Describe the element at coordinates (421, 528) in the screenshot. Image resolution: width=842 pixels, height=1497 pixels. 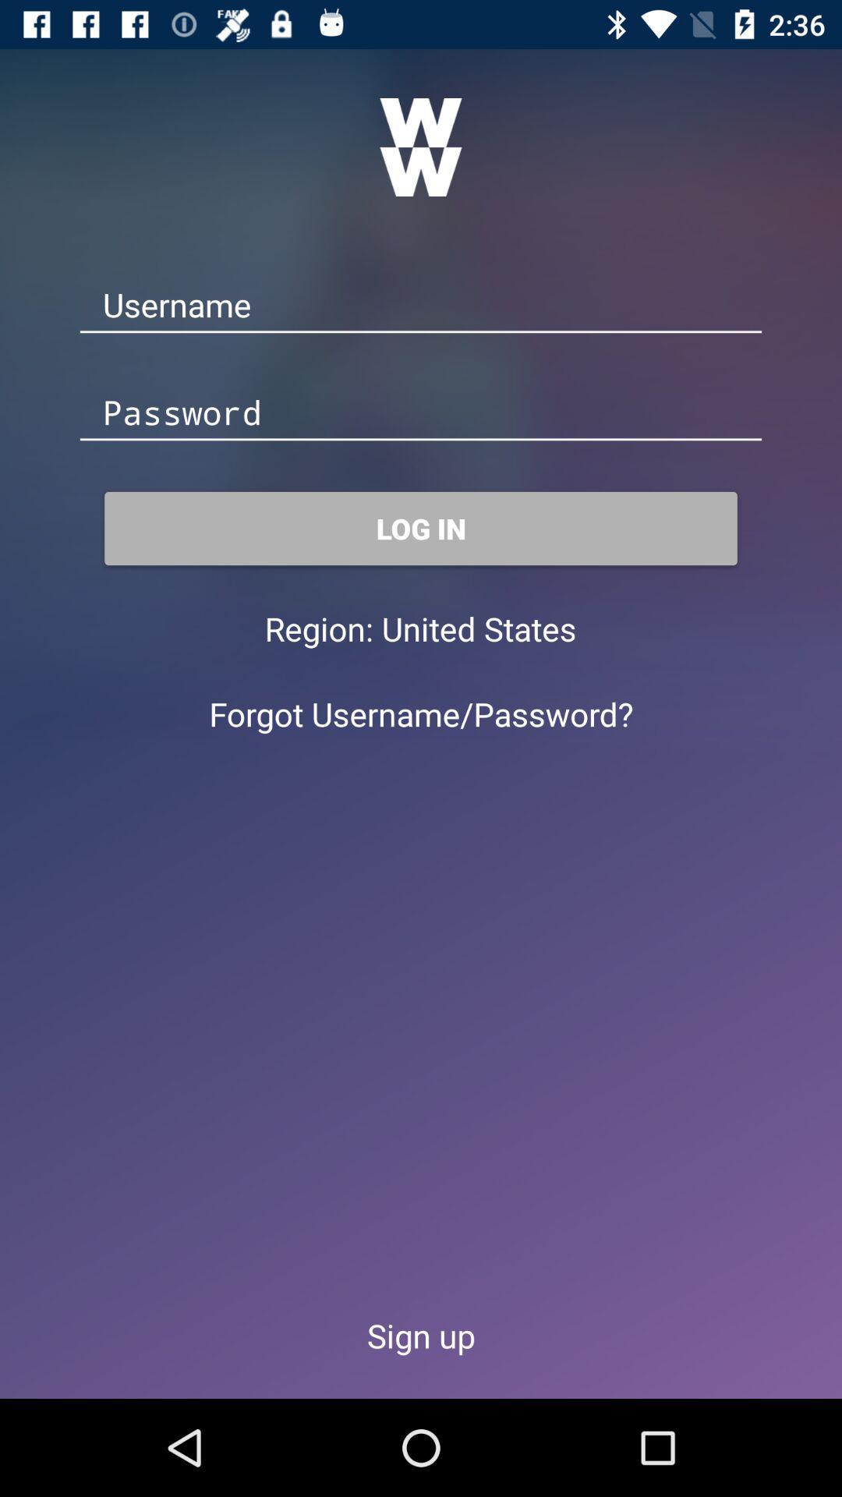
I see `the log in item` at that location.